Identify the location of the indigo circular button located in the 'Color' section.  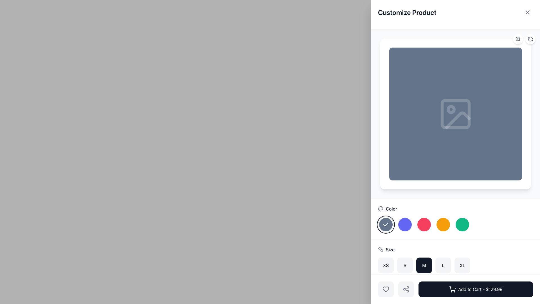
(405, 224).